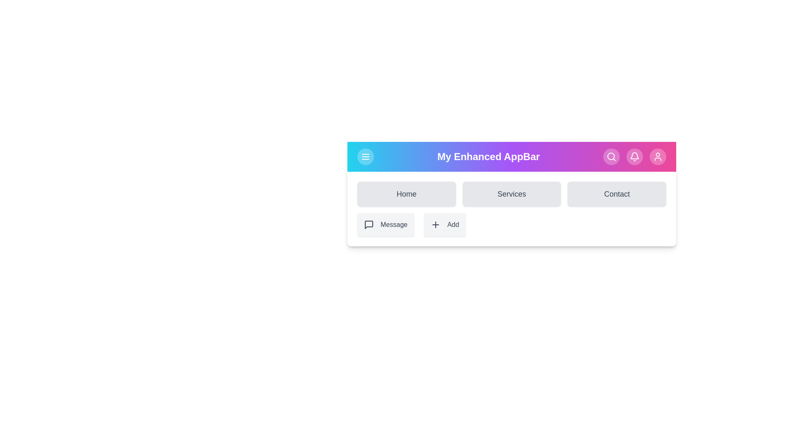  Describe the element at coordinates (511, 194) in the screenshot. I see `the Services navigation link` at that location.